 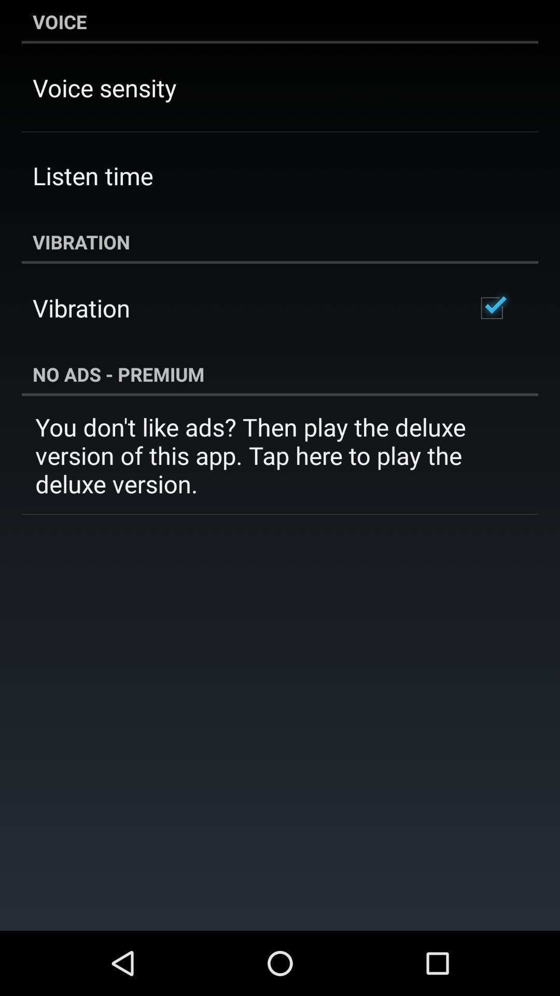 I want to click on the item below voice icon, so click(x=104, y=88).